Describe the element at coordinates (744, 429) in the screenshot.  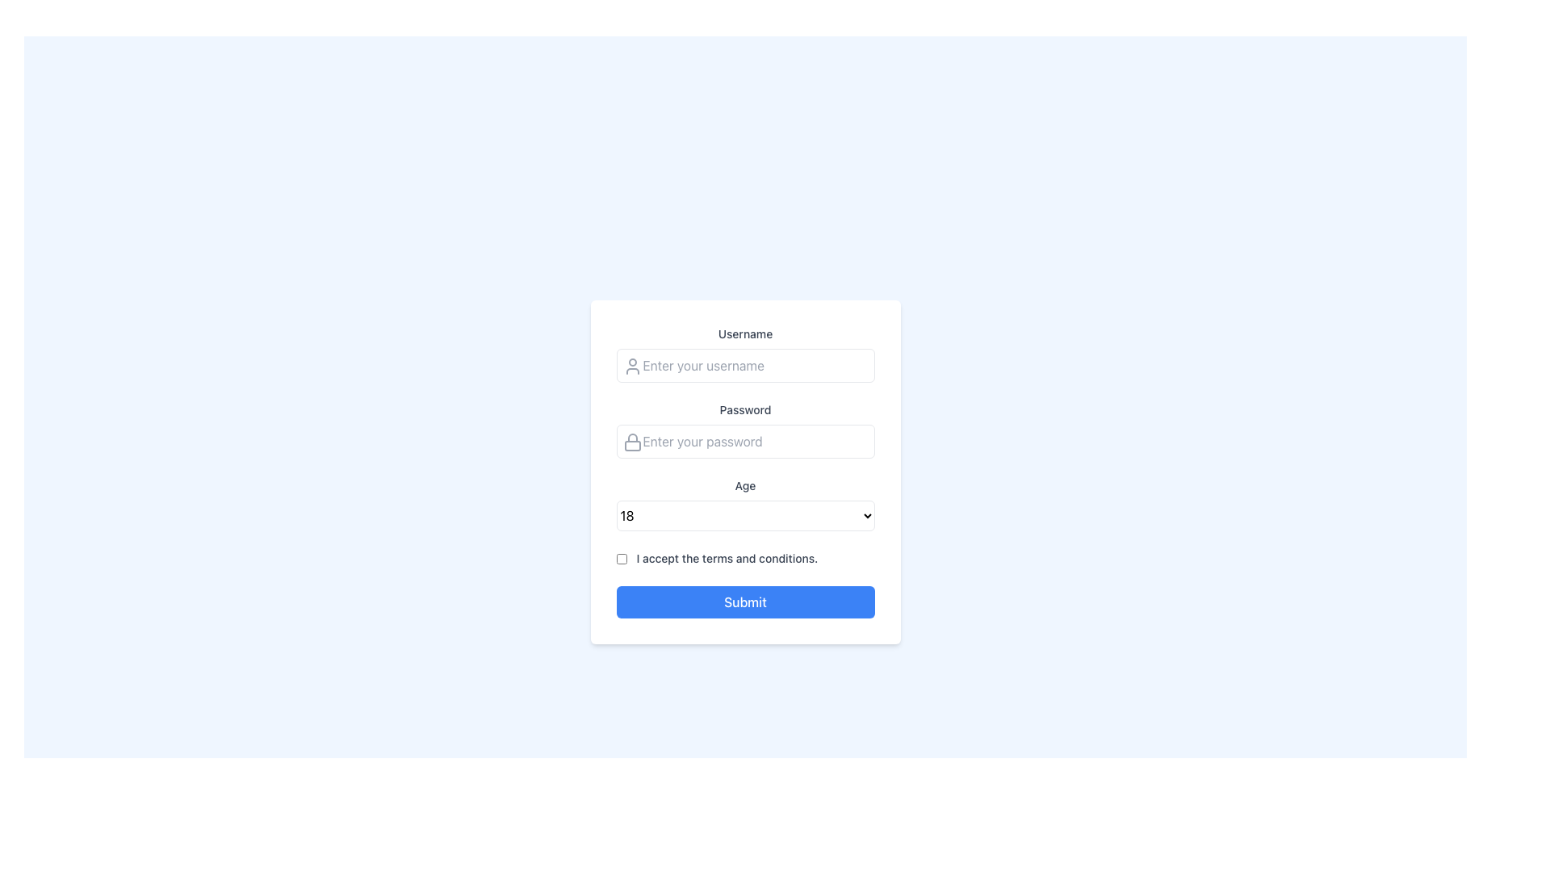
I see `the labeled password input field, which contains a lock icon and has a placeholder text 'Enter your password', to focus for text entry` at that location.